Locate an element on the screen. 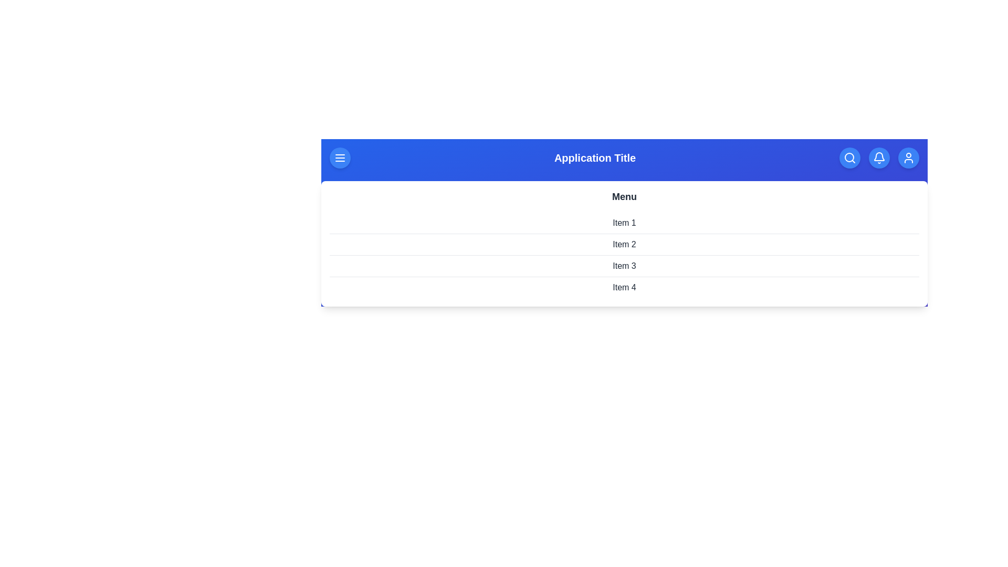 The image size is (1008, 567). the notification button is located at coordinates (879, 157).